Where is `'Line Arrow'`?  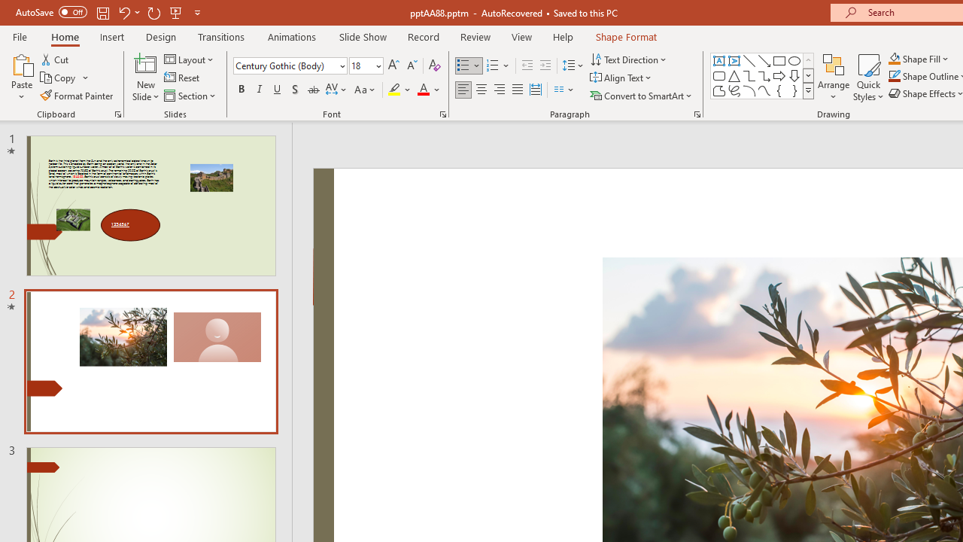 'Line Arrow' is located at coordinates (764, 60).